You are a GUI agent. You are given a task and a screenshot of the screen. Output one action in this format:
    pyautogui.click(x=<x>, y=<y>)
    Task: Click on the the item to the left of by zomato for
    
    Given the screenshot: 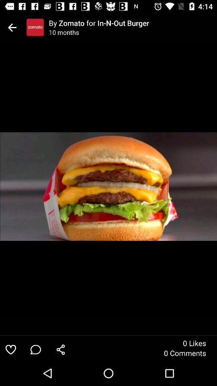 What is the action you would take?
    pyautogui.click(x=35, y=27)
    